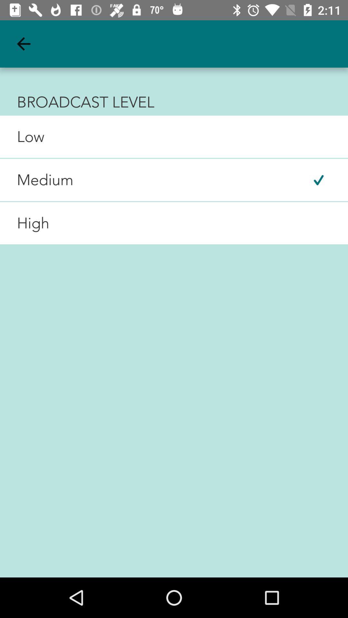 The height and width of the screenshot is (618, 348). Describe the element at coordinates (22, 136) in the screenshot. I see `item below the broadcast level` at that location.